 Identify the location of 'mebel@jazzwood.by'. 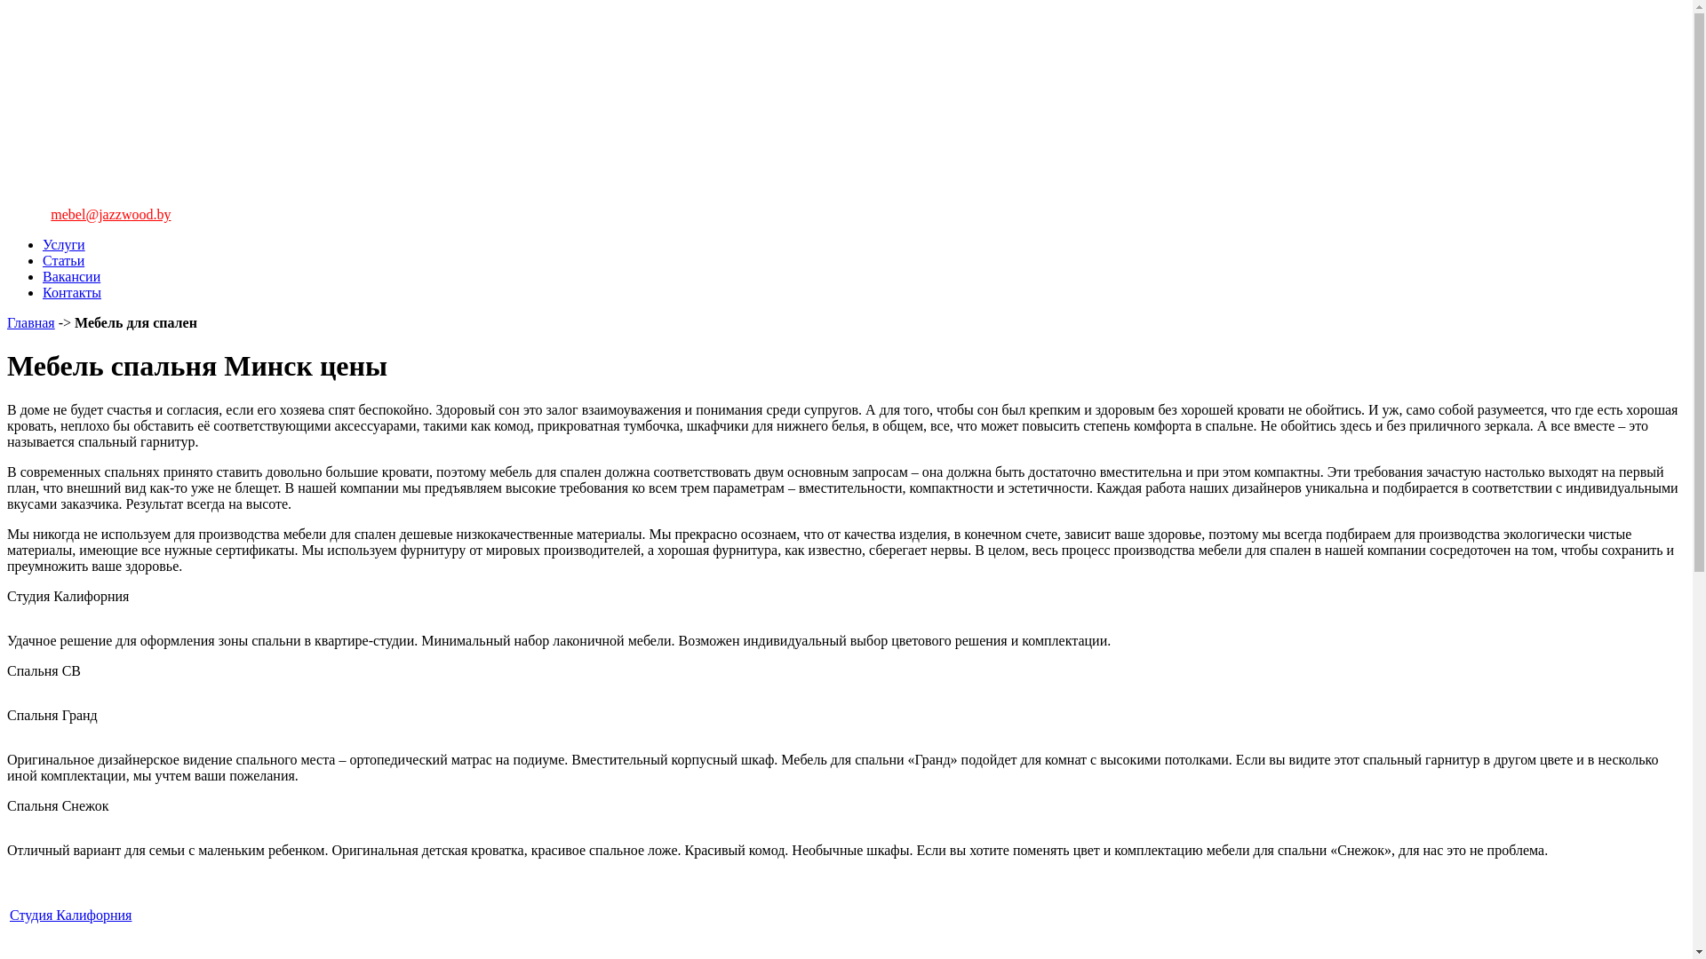
(109, 213).